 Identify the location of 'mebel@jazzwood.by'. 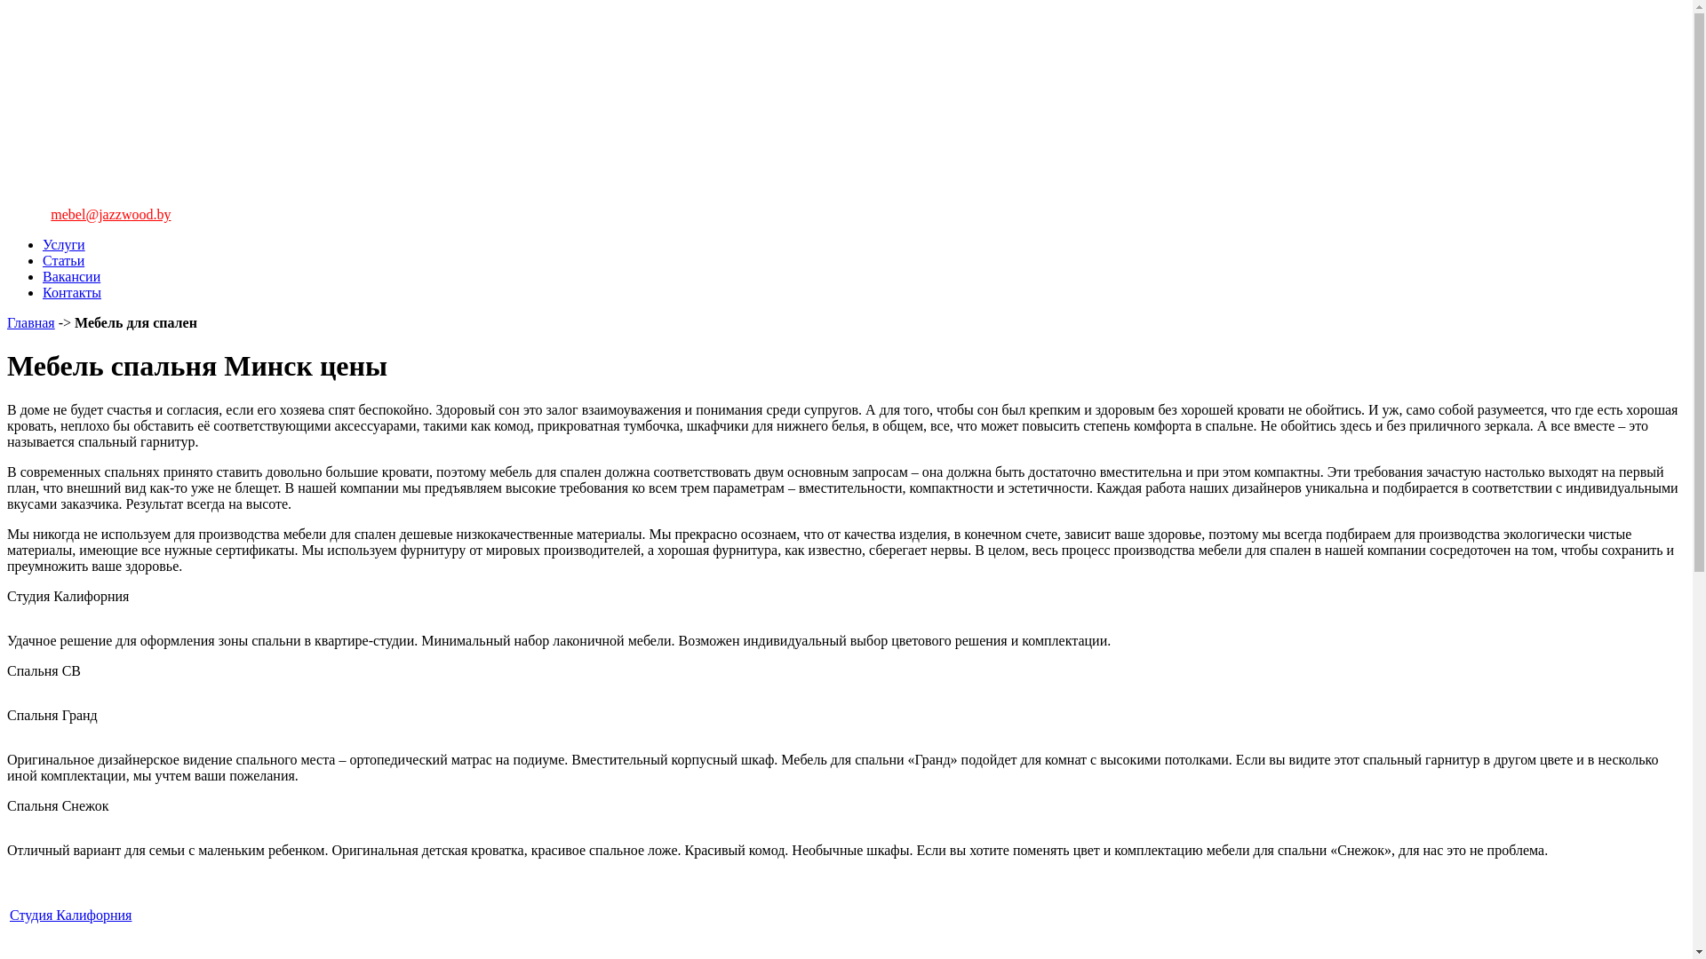
(109, 213).